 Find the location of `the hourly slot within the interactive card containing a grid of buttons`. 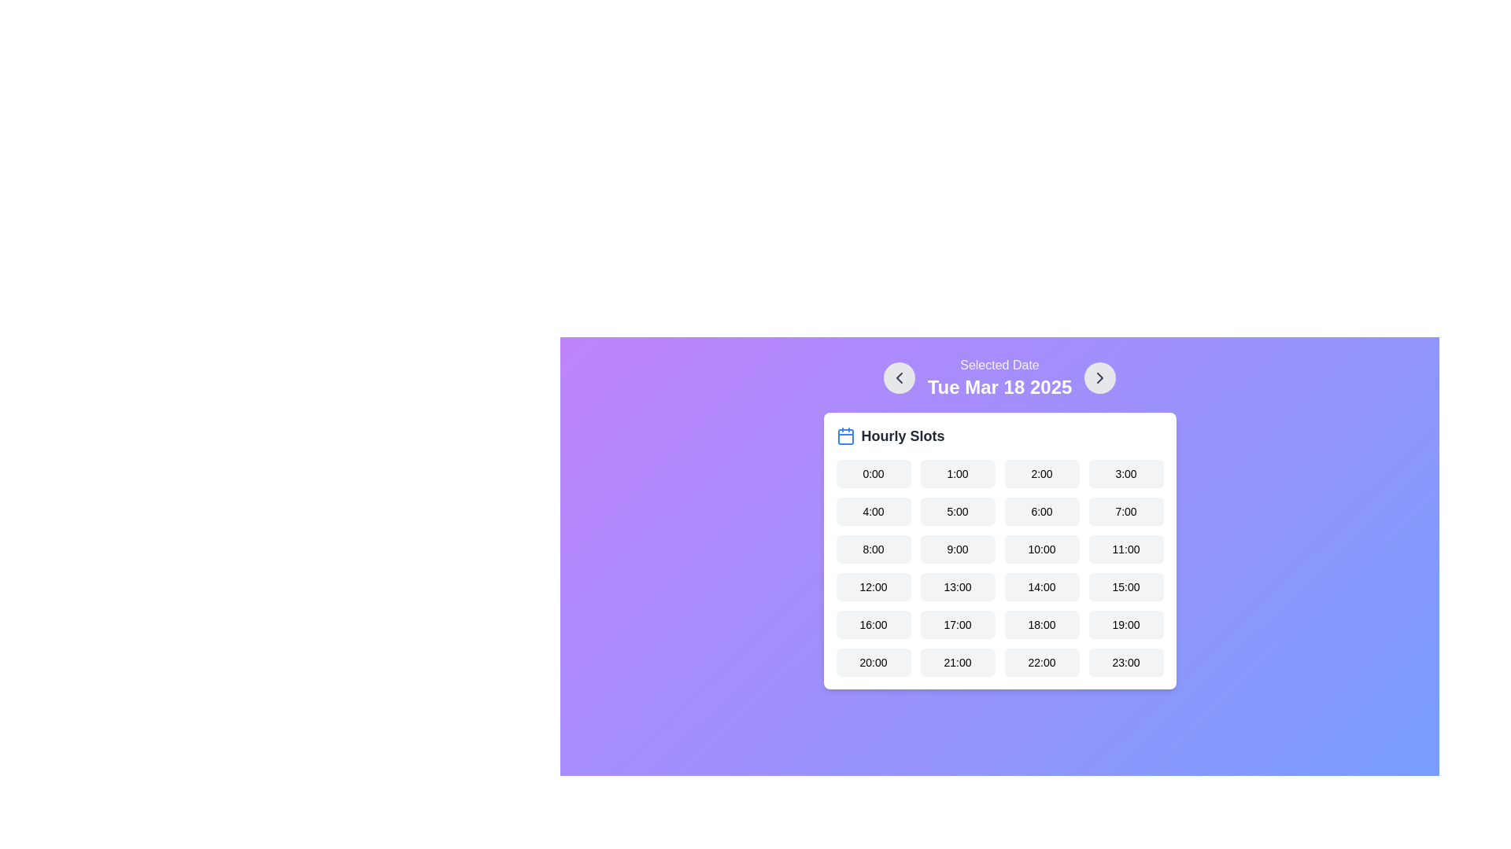

the hourly slot within the interactive card containing a grid of buttons is located at coordinates (999, 550).